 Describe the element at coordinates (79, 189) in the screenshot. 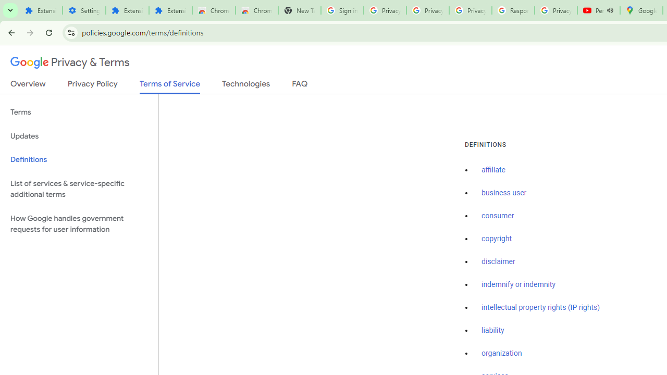

I see `'List of services & service-specific additional terms'` at that location.